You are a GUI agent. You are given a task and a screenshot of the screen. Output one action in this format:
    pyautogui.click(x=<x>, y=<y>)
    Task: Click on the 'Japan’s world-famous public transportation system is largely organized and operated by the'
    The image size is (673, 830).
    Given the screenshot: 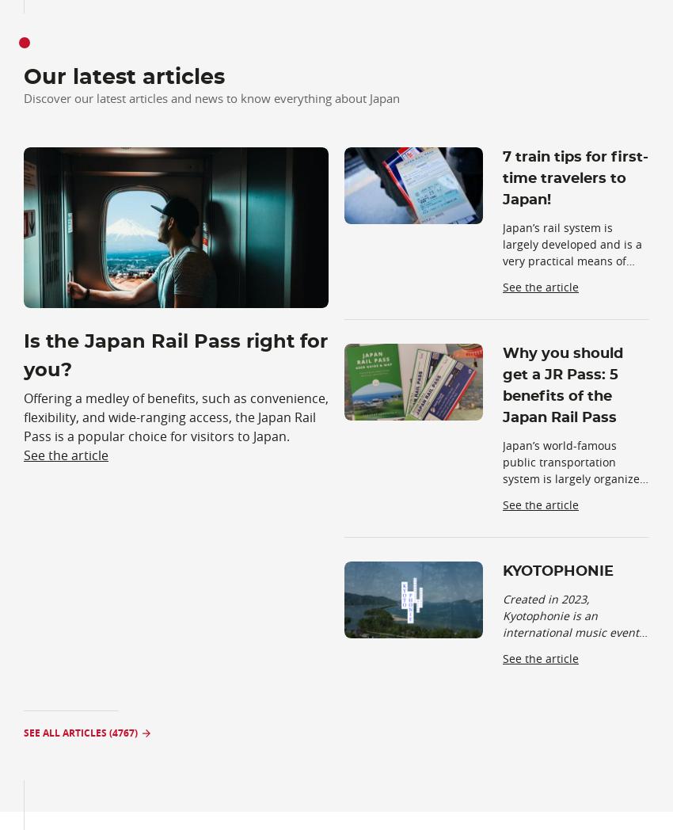 What is the action you would take?
    pyautogui.click(x=574, y=470)
    